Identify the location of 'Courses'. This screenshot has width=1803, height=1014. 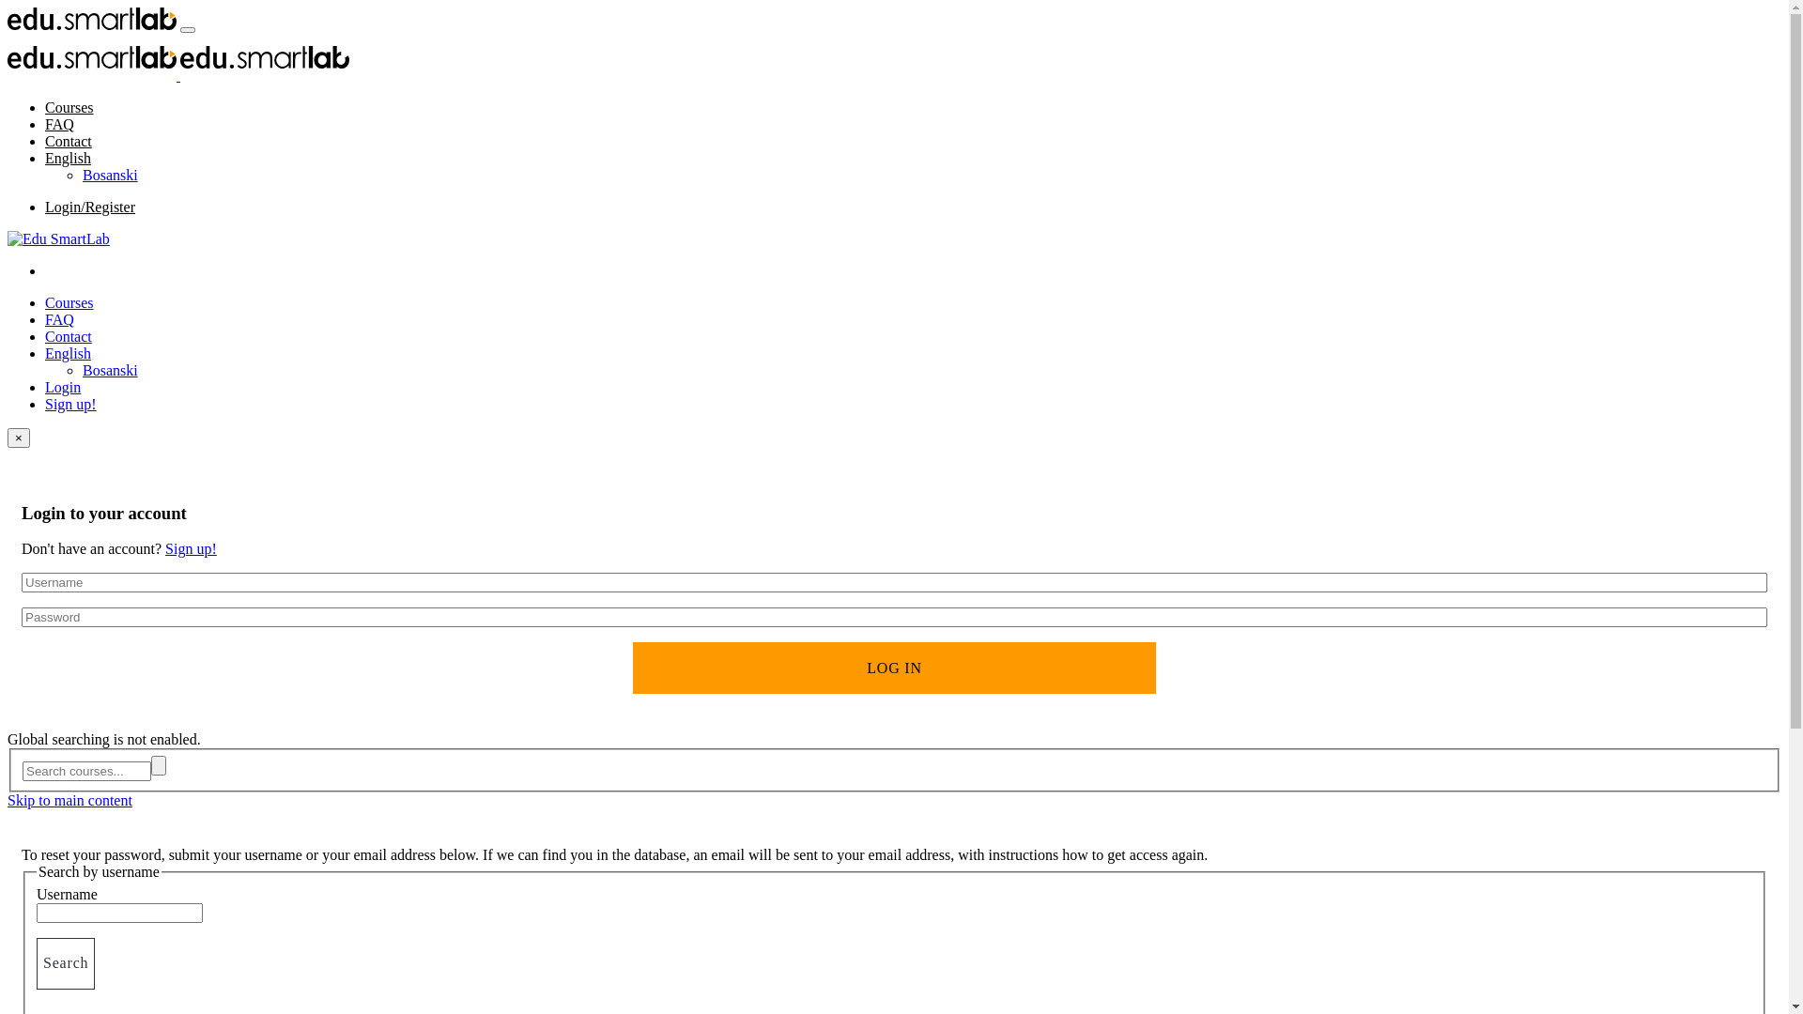
(69, 301).